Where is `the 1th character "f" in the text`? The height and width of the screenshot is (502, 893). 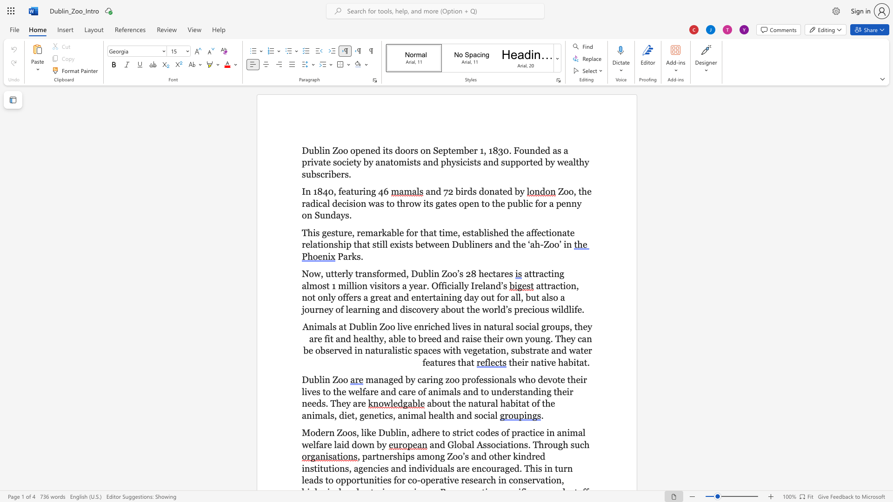 the 1th character "f" in the text is located at coordinates (339, 191).